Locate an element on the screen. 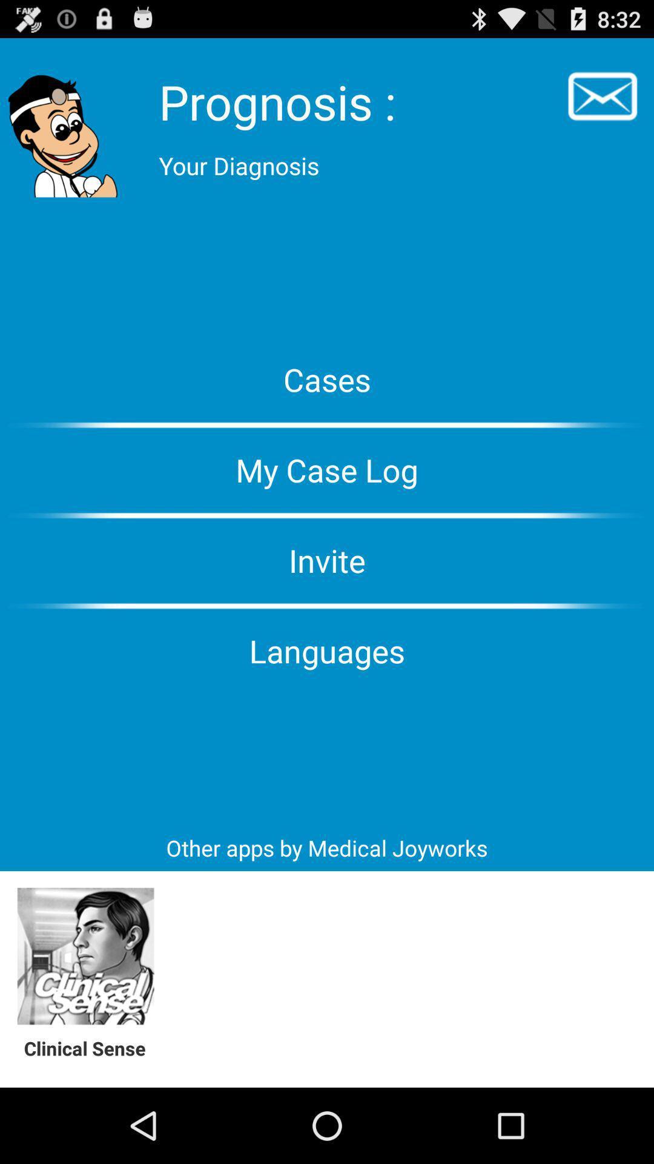 This screenshot has width=654, height=1164. the my case log item is located at coordinates (327, 469).